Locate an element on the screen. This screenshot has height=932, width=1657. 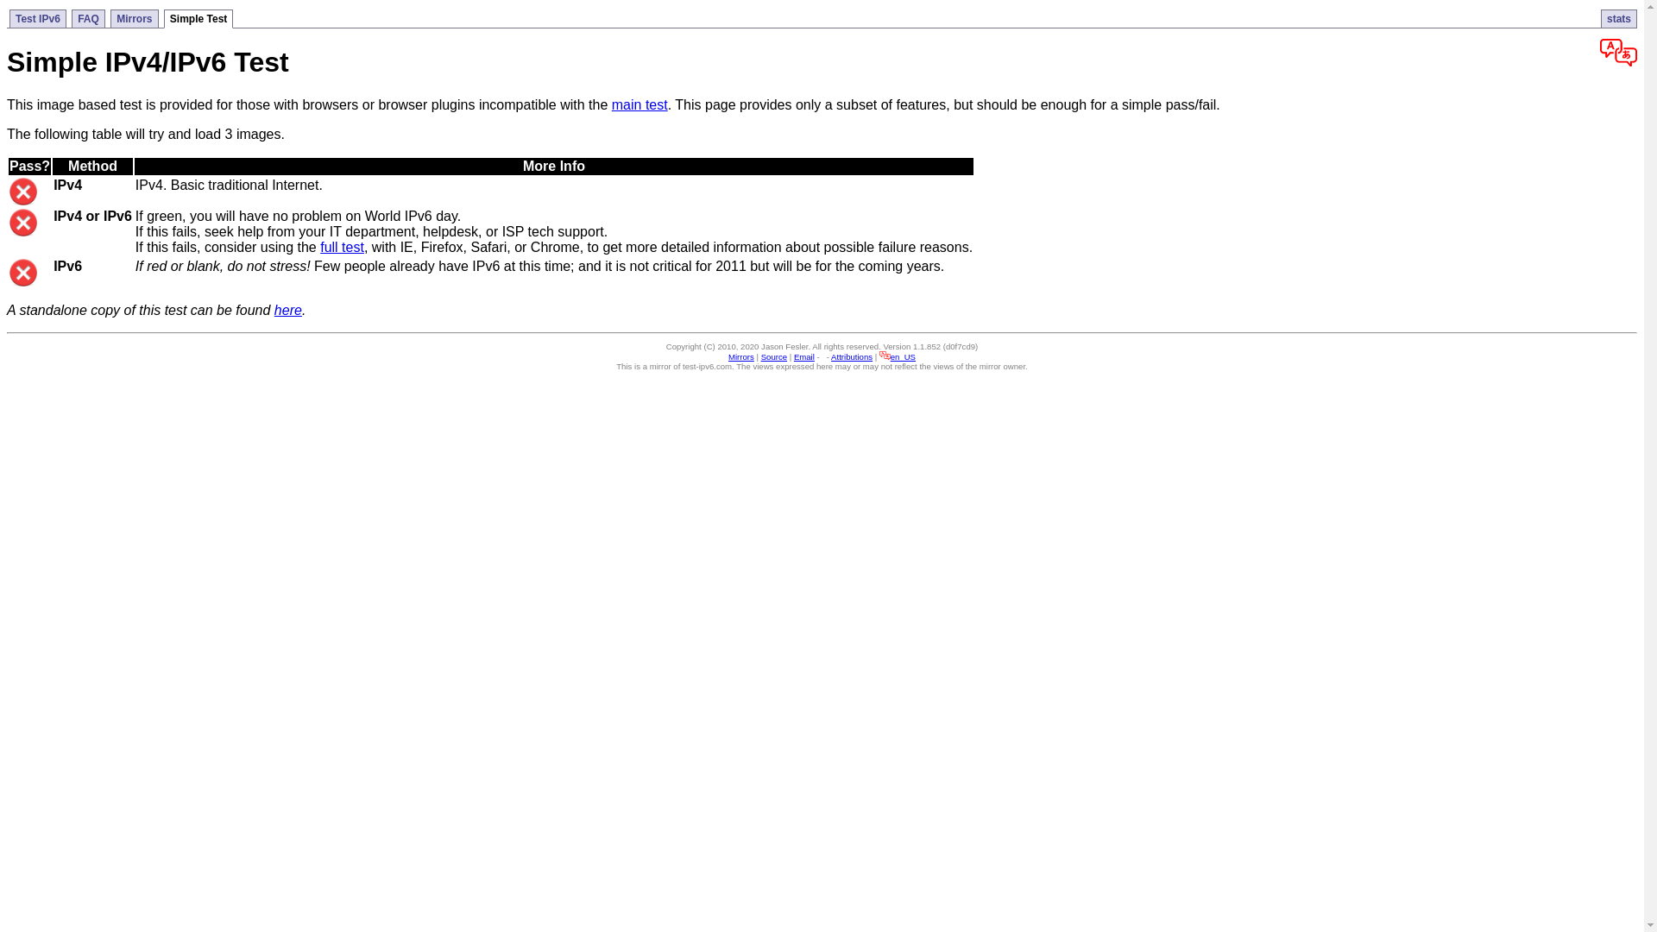
'Test IPv6' is located at coordinates (37, 18).